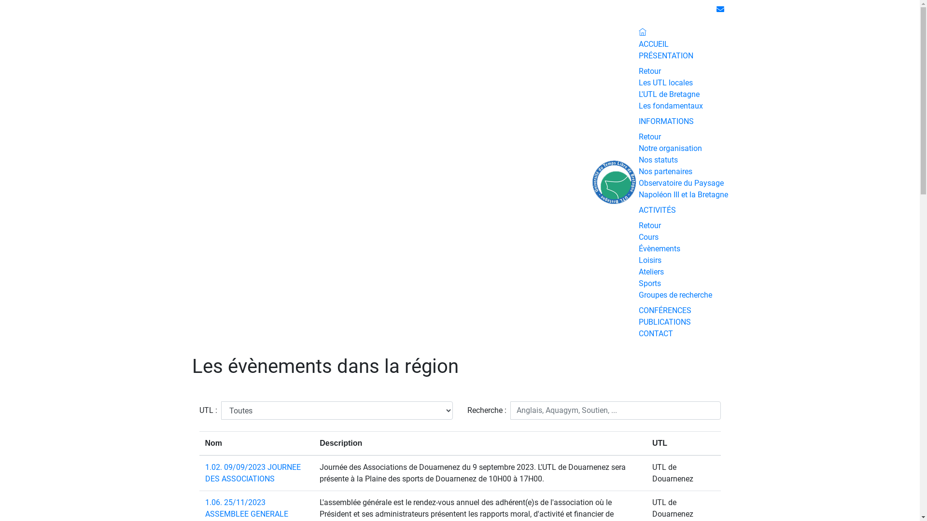  I want to click on 'Sports', so click(649, 283).